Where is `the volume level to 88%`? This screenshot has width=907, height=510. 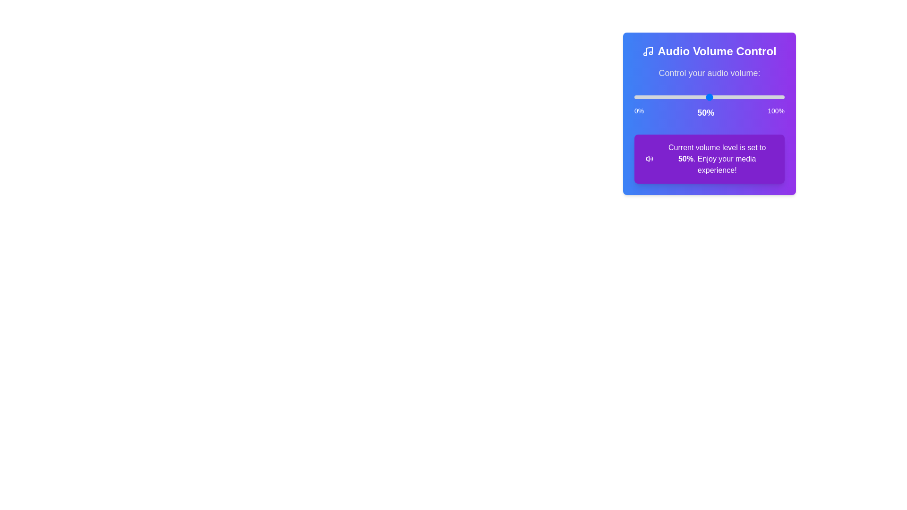
the volume level to 88% is located at coordinates (766, 97).